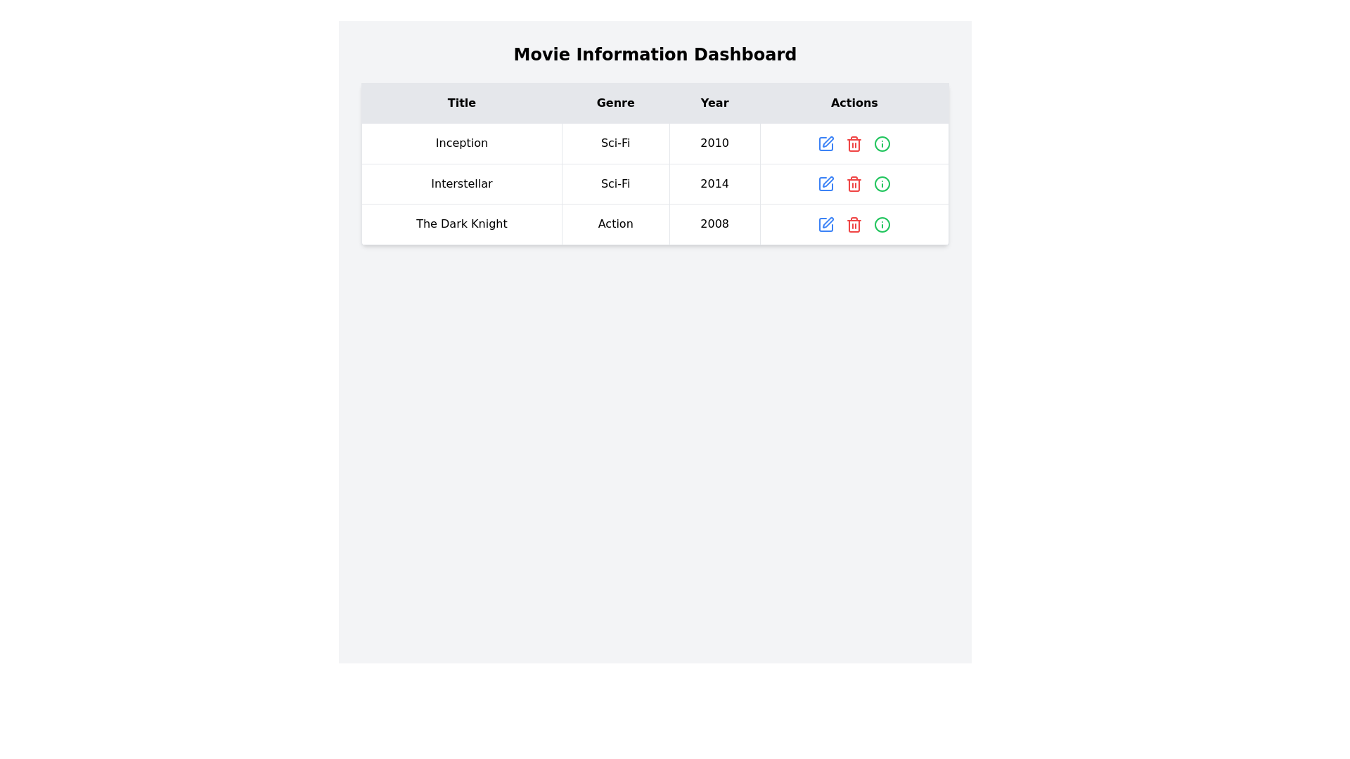 This screenshot has width=1350, height=759. What do you see at coordinates (882, 183) in the screenshot?
I see `the icon button with an 'info' symbol located in the Actions column of the row representing 'Interstellar'` at bounding box center [882, 183].